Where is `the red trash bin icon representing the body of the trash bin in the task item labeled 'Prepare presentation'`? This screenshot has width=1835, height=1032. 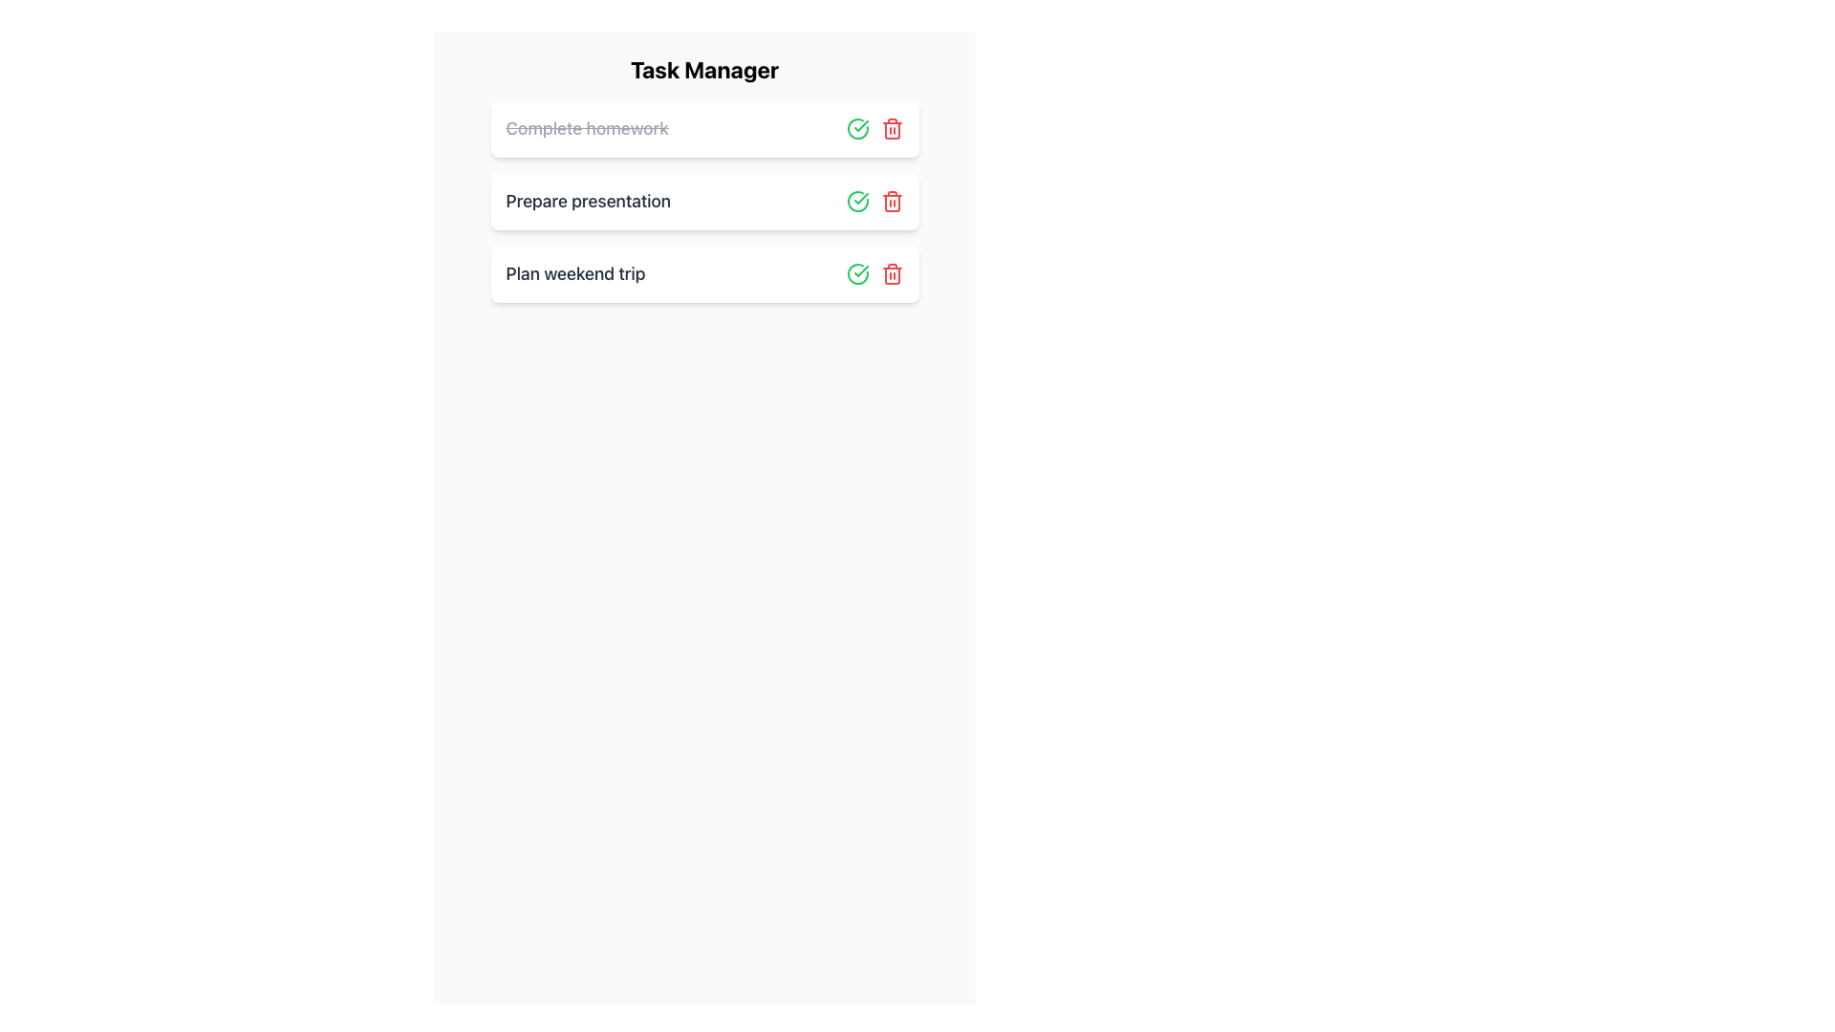 the red trash bin icon representing the body of the trash bin in the task item labeled 'Prepare presentation' is located at coordinates (891, 130).